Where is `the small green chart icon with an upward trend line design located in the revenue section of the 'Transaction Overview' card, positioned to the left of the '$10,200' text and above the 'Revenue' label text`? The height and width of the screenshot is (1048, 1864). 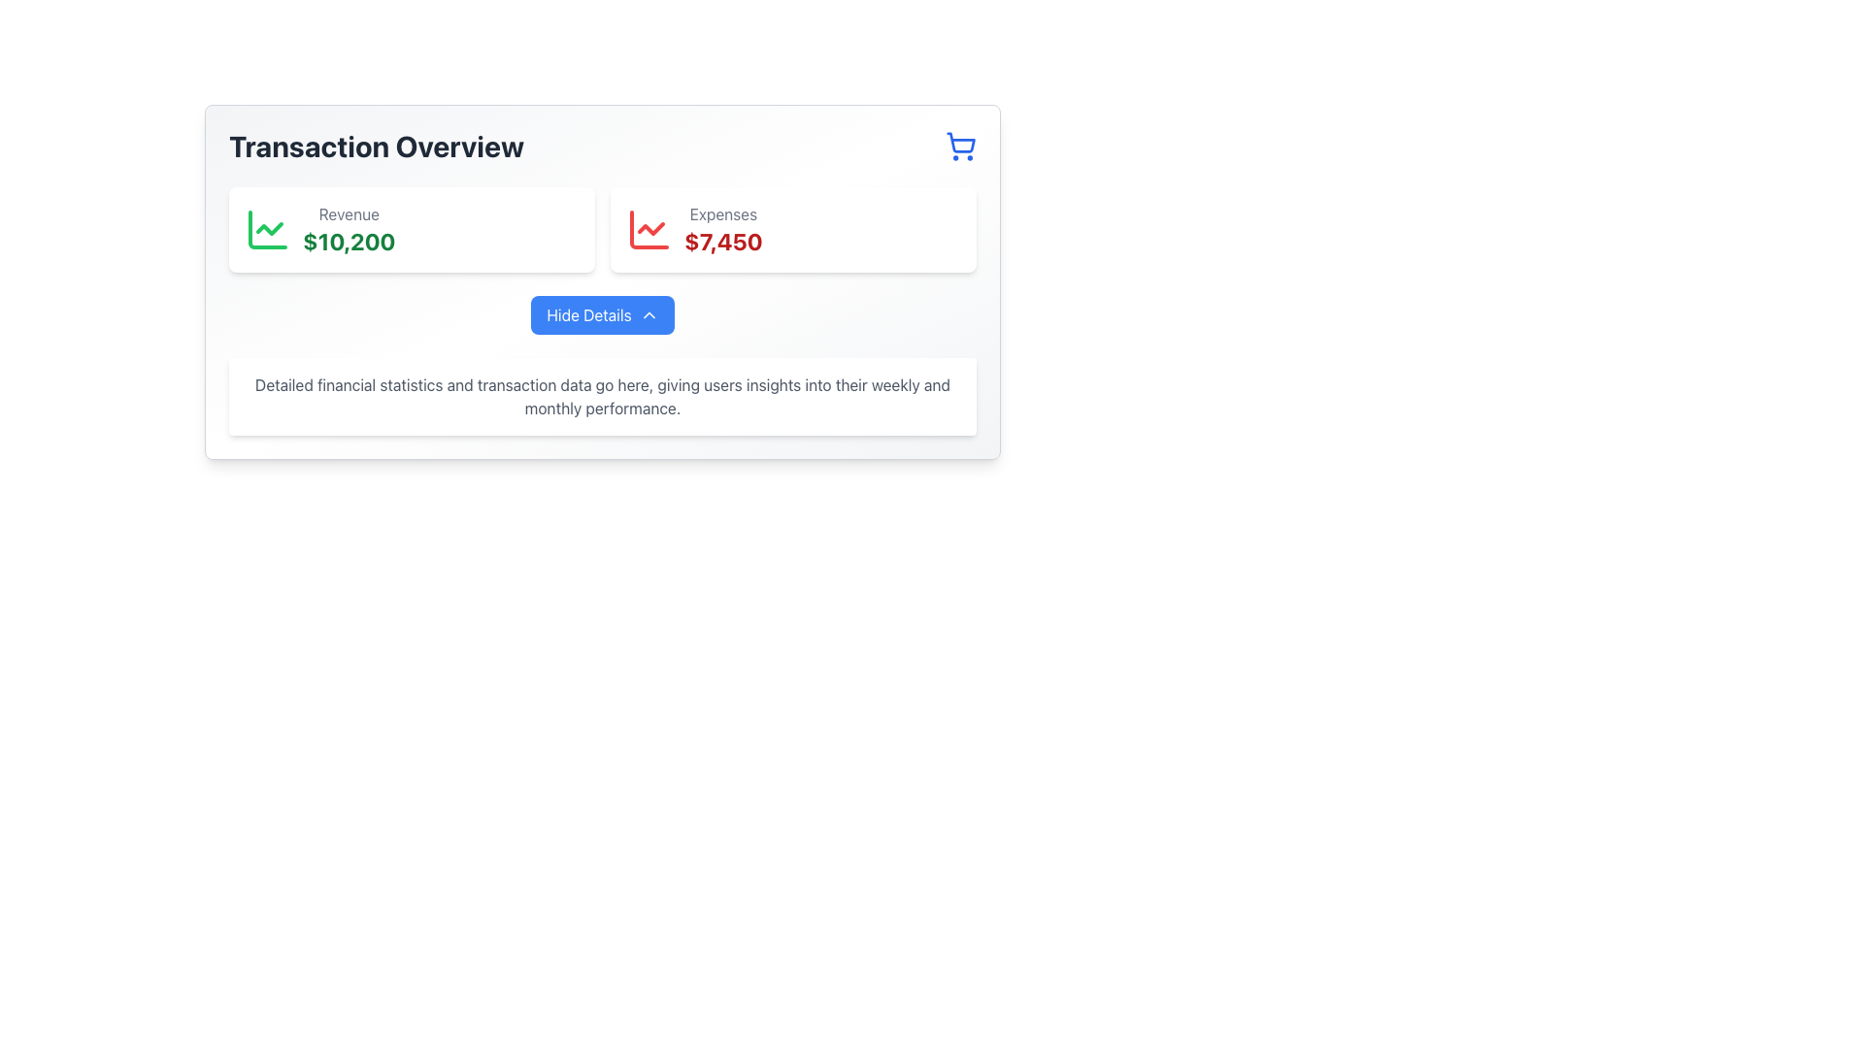
the small green chart icon with an upward trend line design located in the revenue section of the 'Transaction Overview' card, positioned to the left of the '$10,200' text and above the 'Revenue' label text is located at coordinates (269, 227).